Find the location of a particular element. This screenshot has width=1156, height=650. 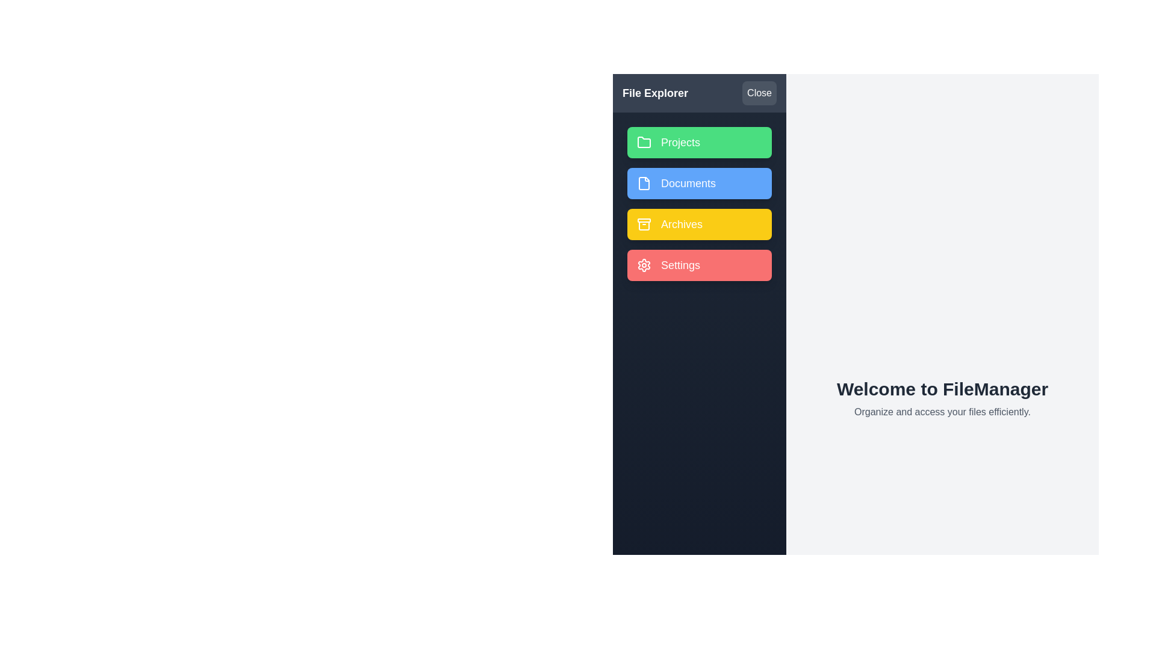

the 'Close' button to close the drawer is located at coordinates (759, 92).